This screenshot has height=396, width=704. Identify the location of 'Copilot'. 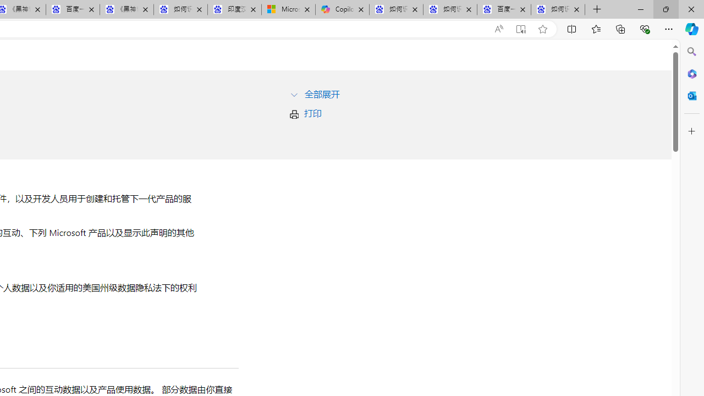
(342, 9).